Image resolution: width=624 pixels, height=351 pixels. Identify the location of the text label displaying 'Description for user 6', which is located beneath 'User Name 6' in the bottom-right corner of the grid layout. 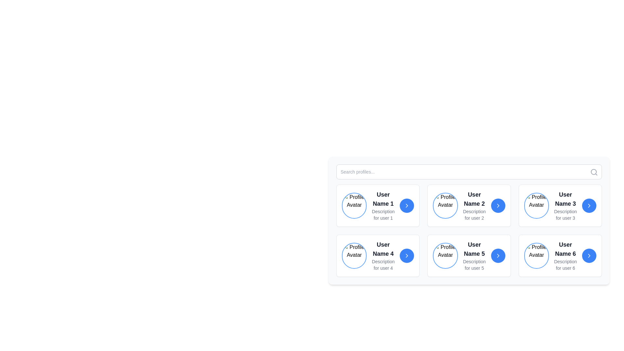
(565, 265).